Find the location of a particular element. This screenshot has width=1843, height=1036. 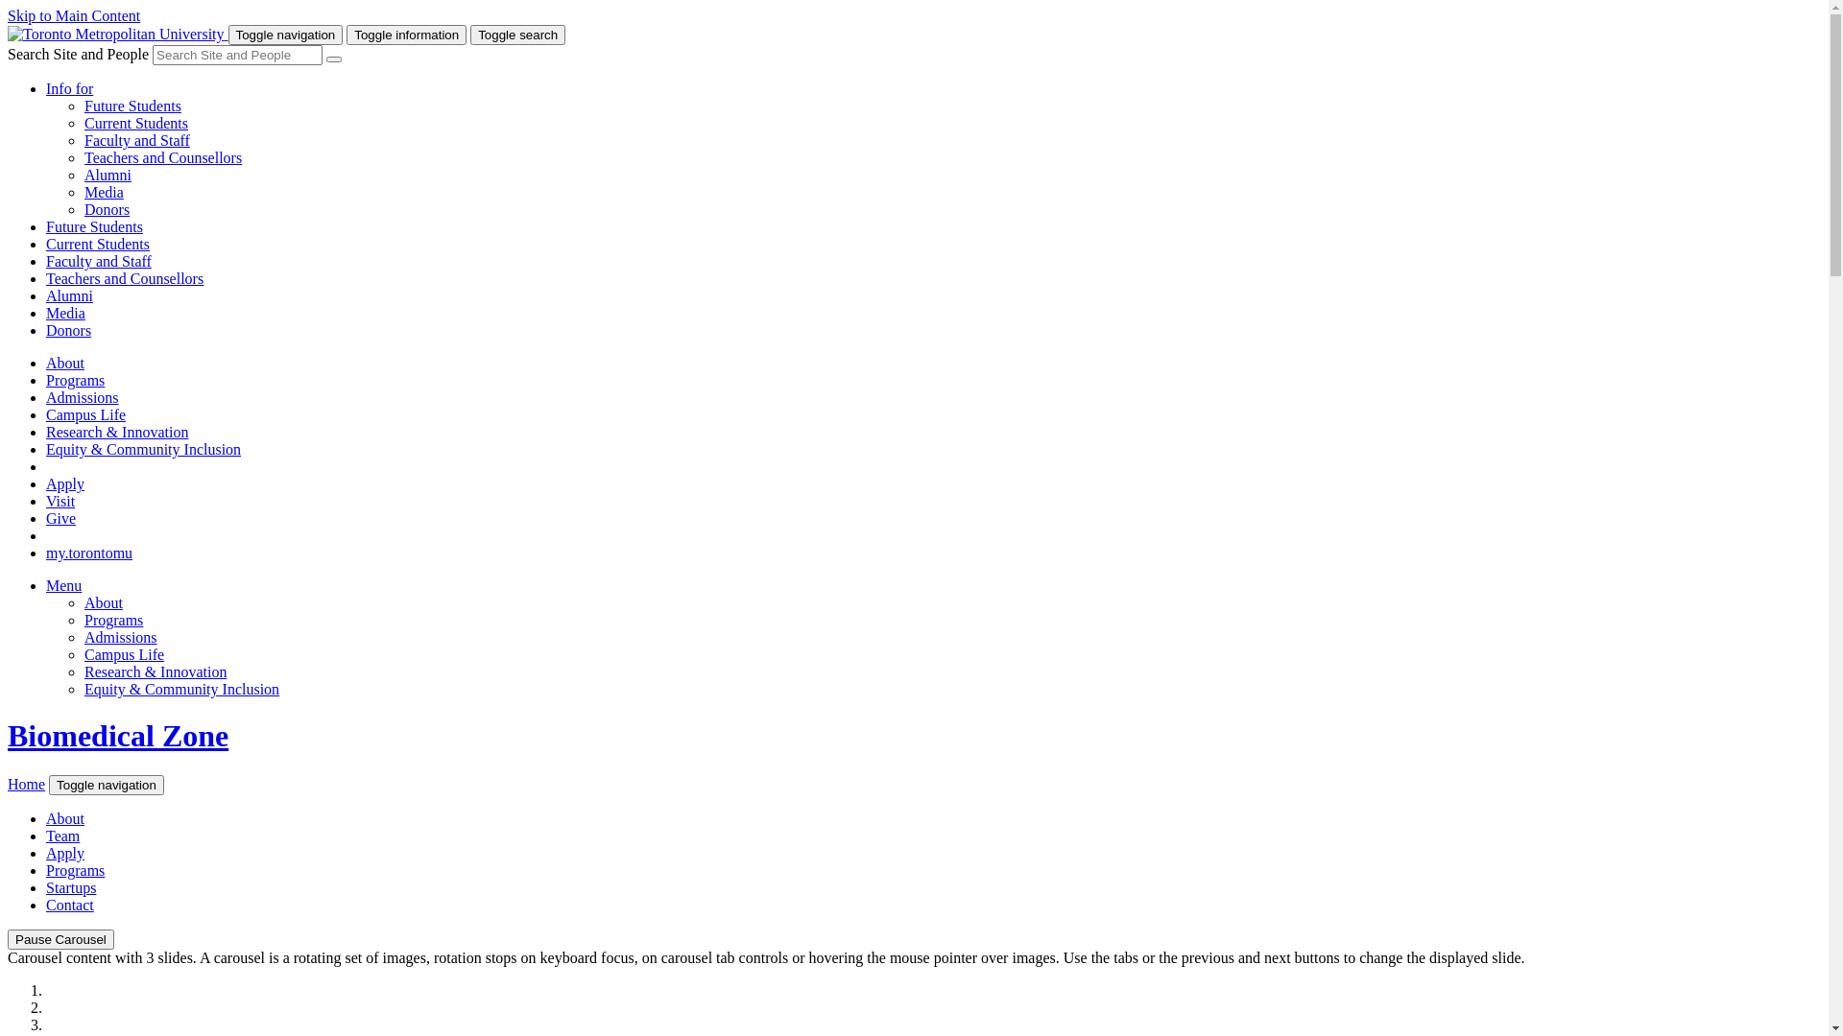

'Alumni' is located at coordinates (107, 175).